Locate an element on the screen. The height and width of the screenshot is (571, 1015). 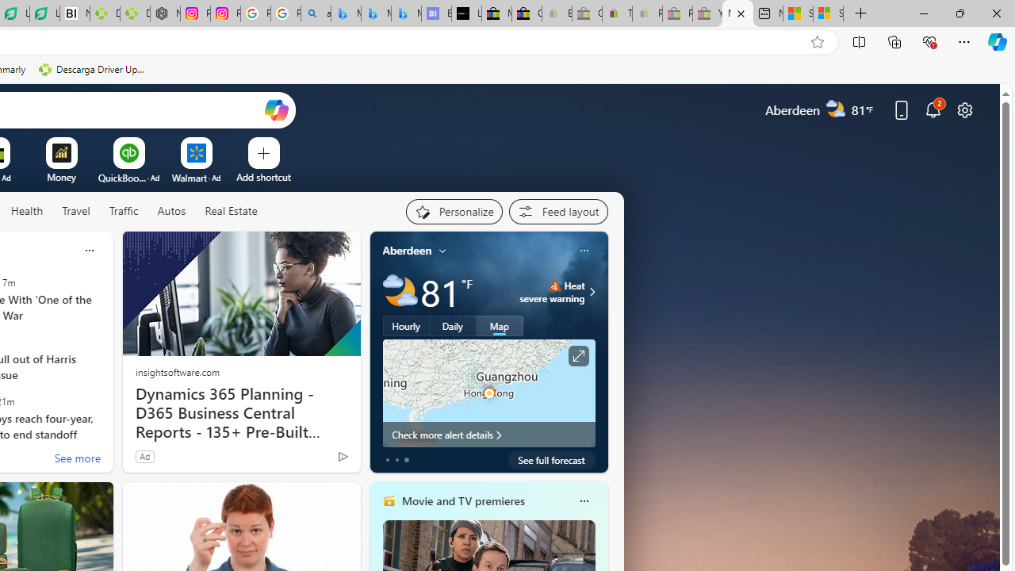
'Health' is located at coordinates (27, 210).